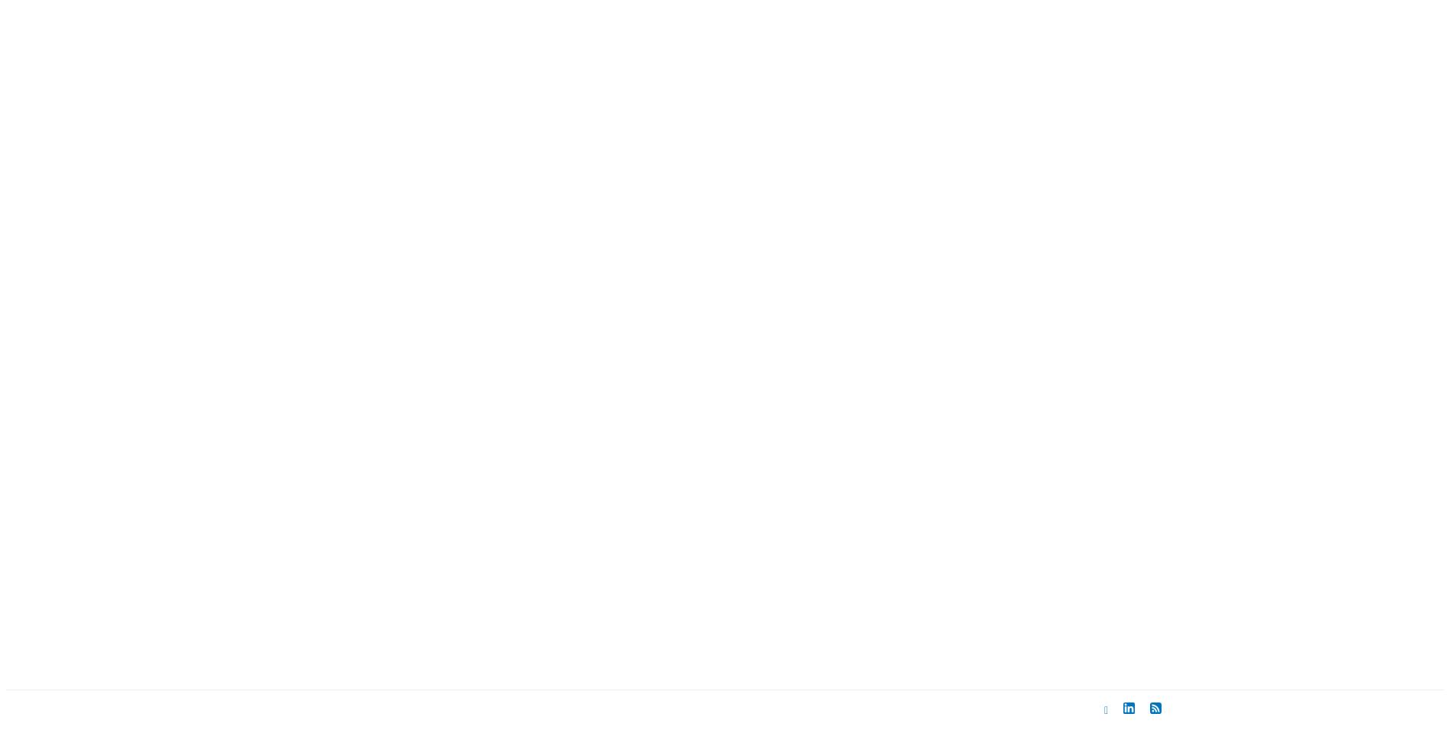 This screenshot has height=733, width=1450. Describe the element at coordinates (957, 159) in the screenshot. I see `'February 2007'` at that location.